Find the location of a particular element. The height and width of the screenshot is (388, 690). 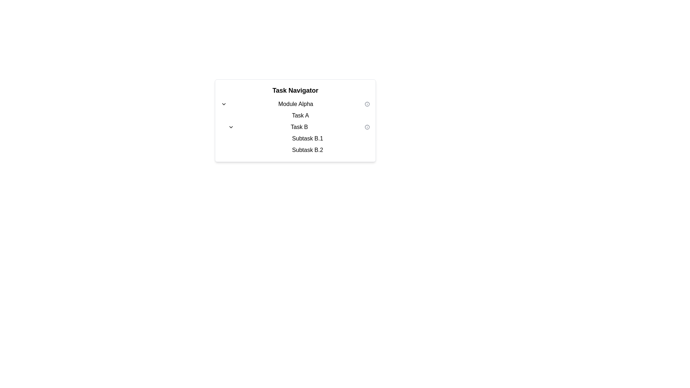

the 'Module Alpha' text label which is the first item in the 'Task Navigator' menu, located to the right of a chevron-down icon is located at coordinates (295, 104).